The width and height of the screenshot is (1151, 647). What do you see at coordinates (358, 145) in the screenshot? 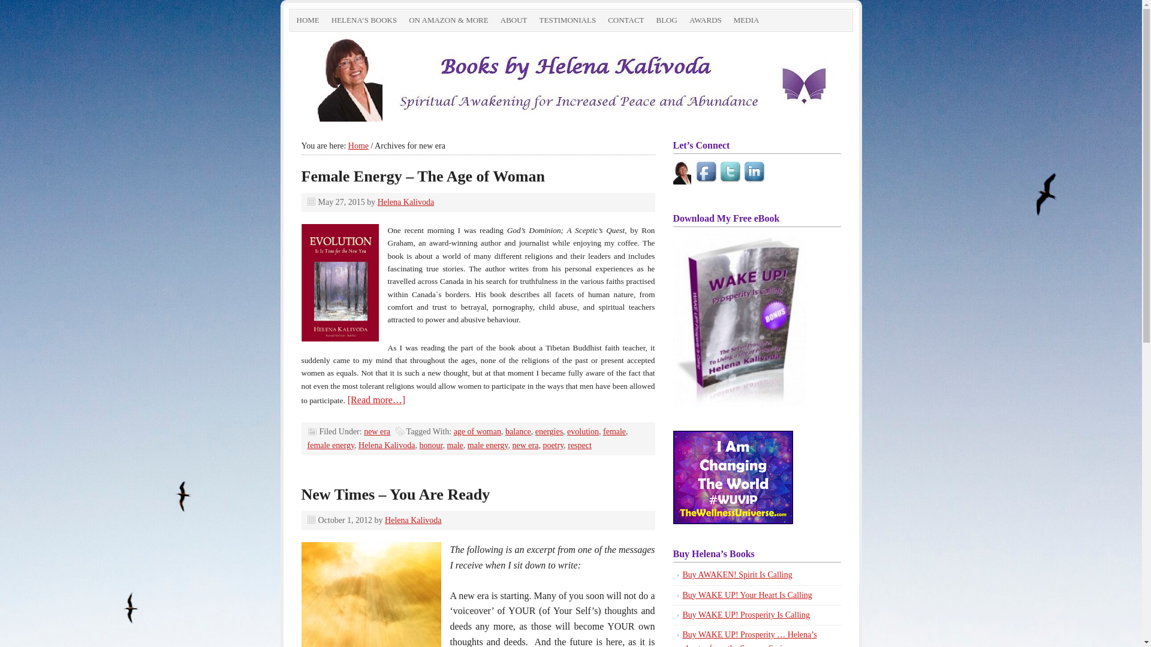
I see `'Home'` at bounding box center [358, 145].